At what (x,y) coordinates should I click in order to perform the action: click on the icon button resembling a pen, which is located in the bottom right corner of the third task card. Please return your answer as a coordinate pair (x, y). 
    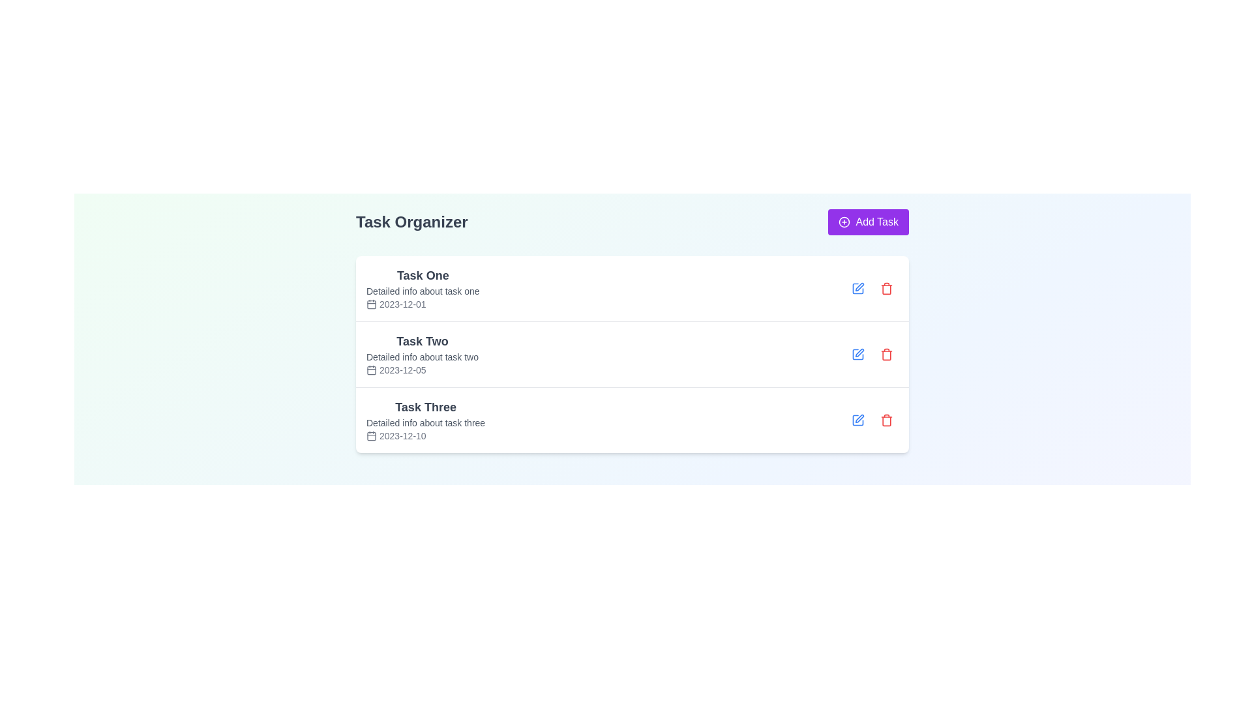
    Looking at the image, I should click on (857, 420).